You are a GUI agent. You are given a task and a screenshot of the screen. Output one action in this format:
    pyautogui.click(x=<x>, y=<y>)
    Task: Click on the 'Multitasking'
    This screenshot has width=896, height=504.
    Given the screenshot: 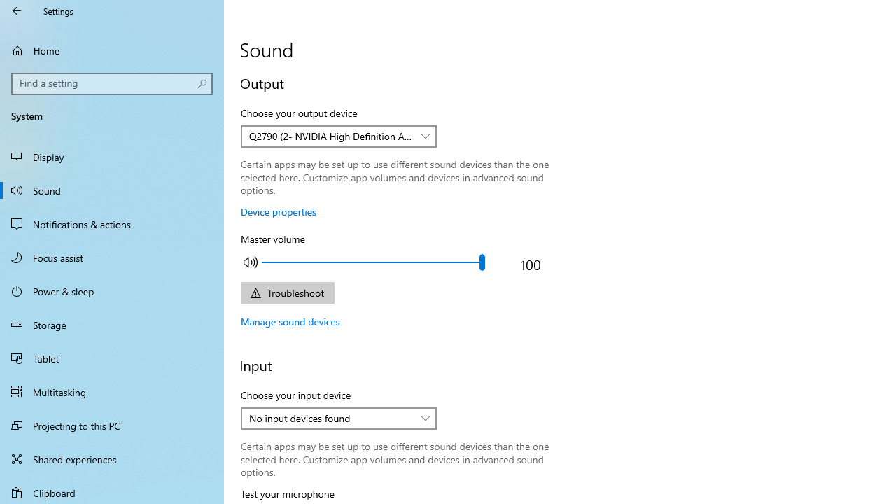 What is the action you would take?
    pyautogui.click(x=112, y=391)
    